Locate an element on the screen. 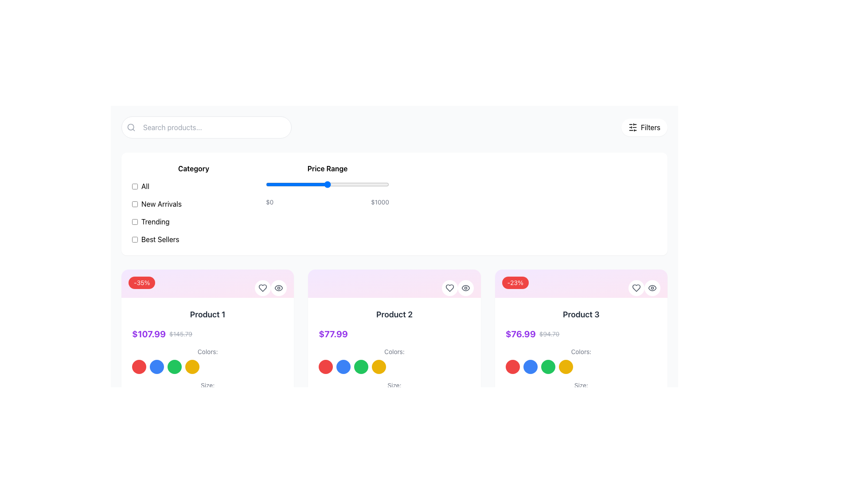  the heart button in the Icon button group located at the top-right corner of the 'Product 3' card to mark the product as a favorite is located at coordinates (644, 286).